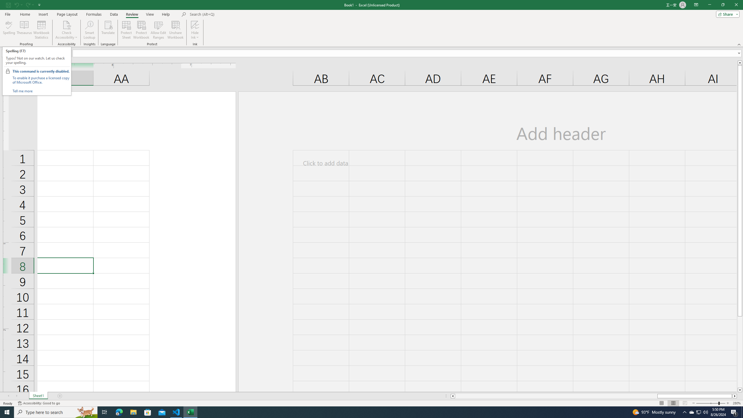  I want to click on 'Translate', so click(108, 30).